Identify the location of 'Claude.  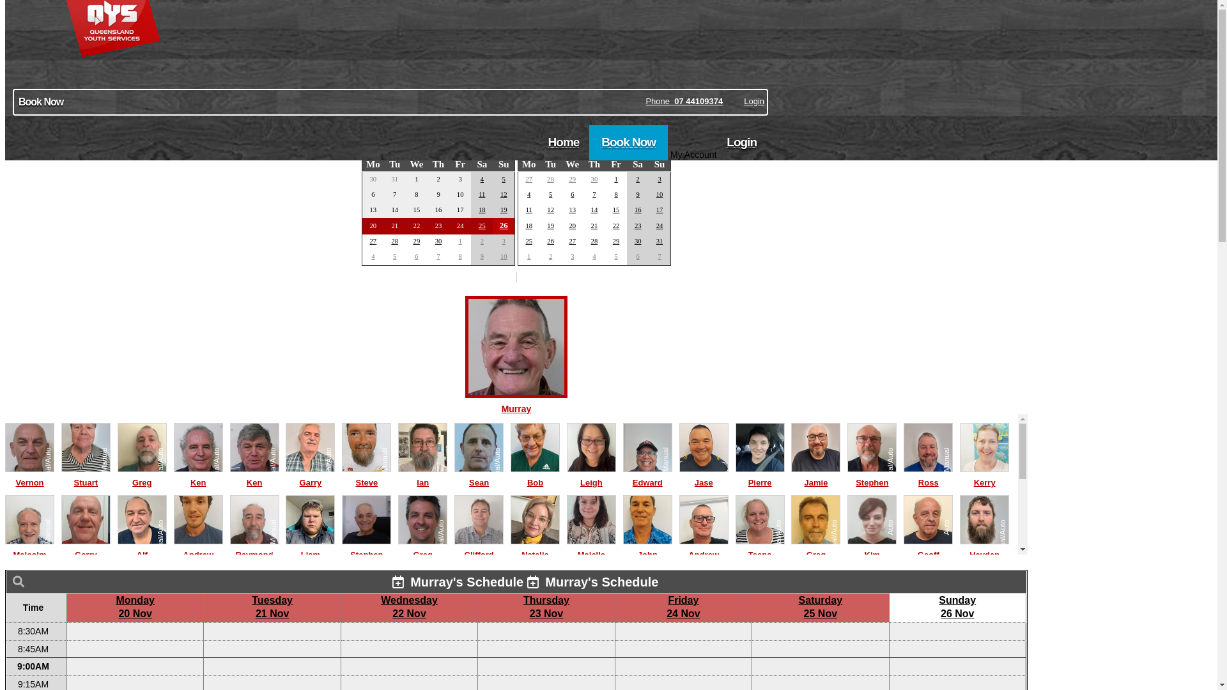
(284, 620).